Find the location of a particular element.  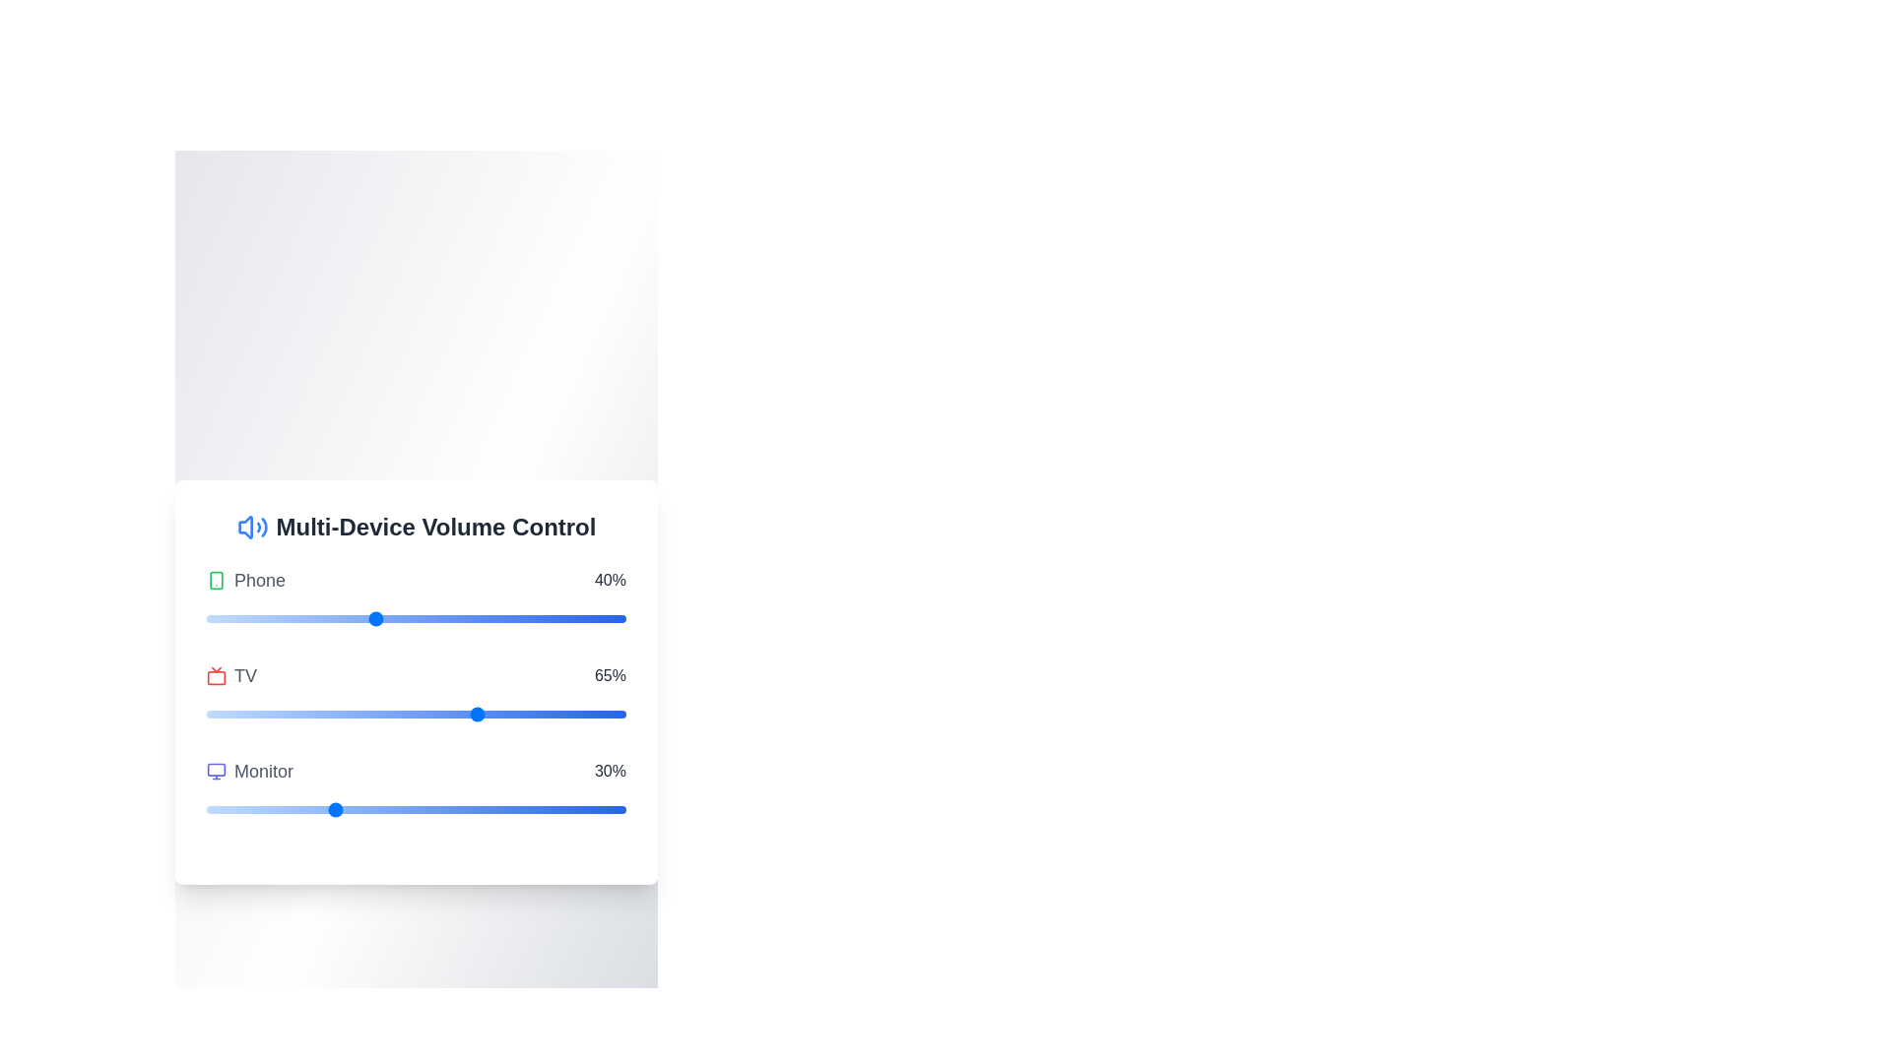

the small rectangular vector graphic subcomponent of the icon adjacent to the 'Phone' label in the Multi-Device Volume Control interface is located at coordinates (217, 579).